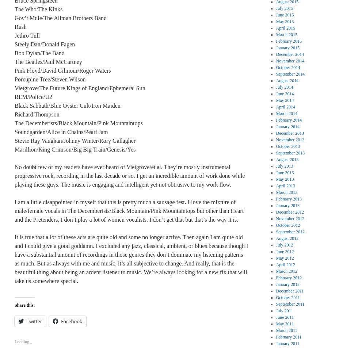 Image resolution: width=358 pixels, height=348 pixels. I want to click on 'January 2015', so click(287, 47).